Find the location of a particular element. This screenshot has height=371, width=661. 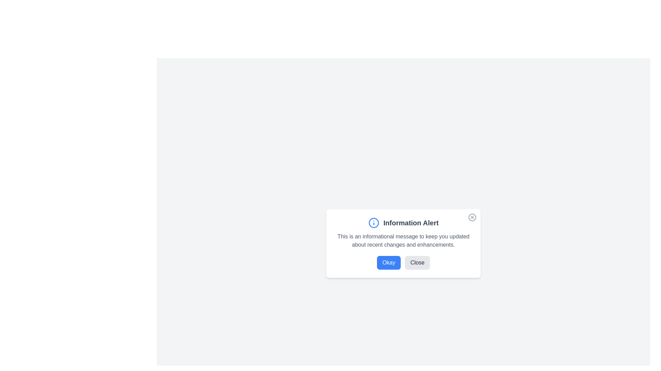

text content of the bold text label 'Information Alert', which is styled with a gray hue and located centrally within a modal dialog box, immediately to the right of the information icon is located at coordinates (411, 223).